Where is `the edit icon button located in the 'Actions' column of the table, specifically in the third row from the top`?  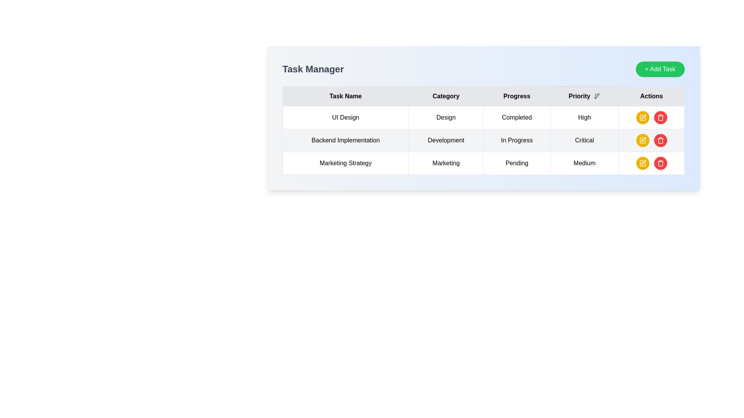 the edit icon button located in the 'Actions' column of the table, specifically in the third row from the top is located at coordinates (643, 139).